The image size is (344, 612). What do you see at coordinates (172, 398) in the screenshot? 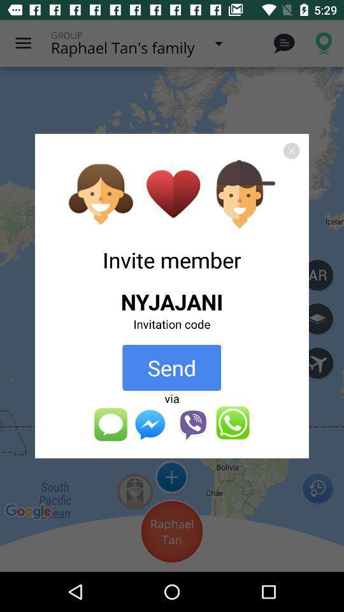
I see `the button below the send button` at bounding box center [172, 398].